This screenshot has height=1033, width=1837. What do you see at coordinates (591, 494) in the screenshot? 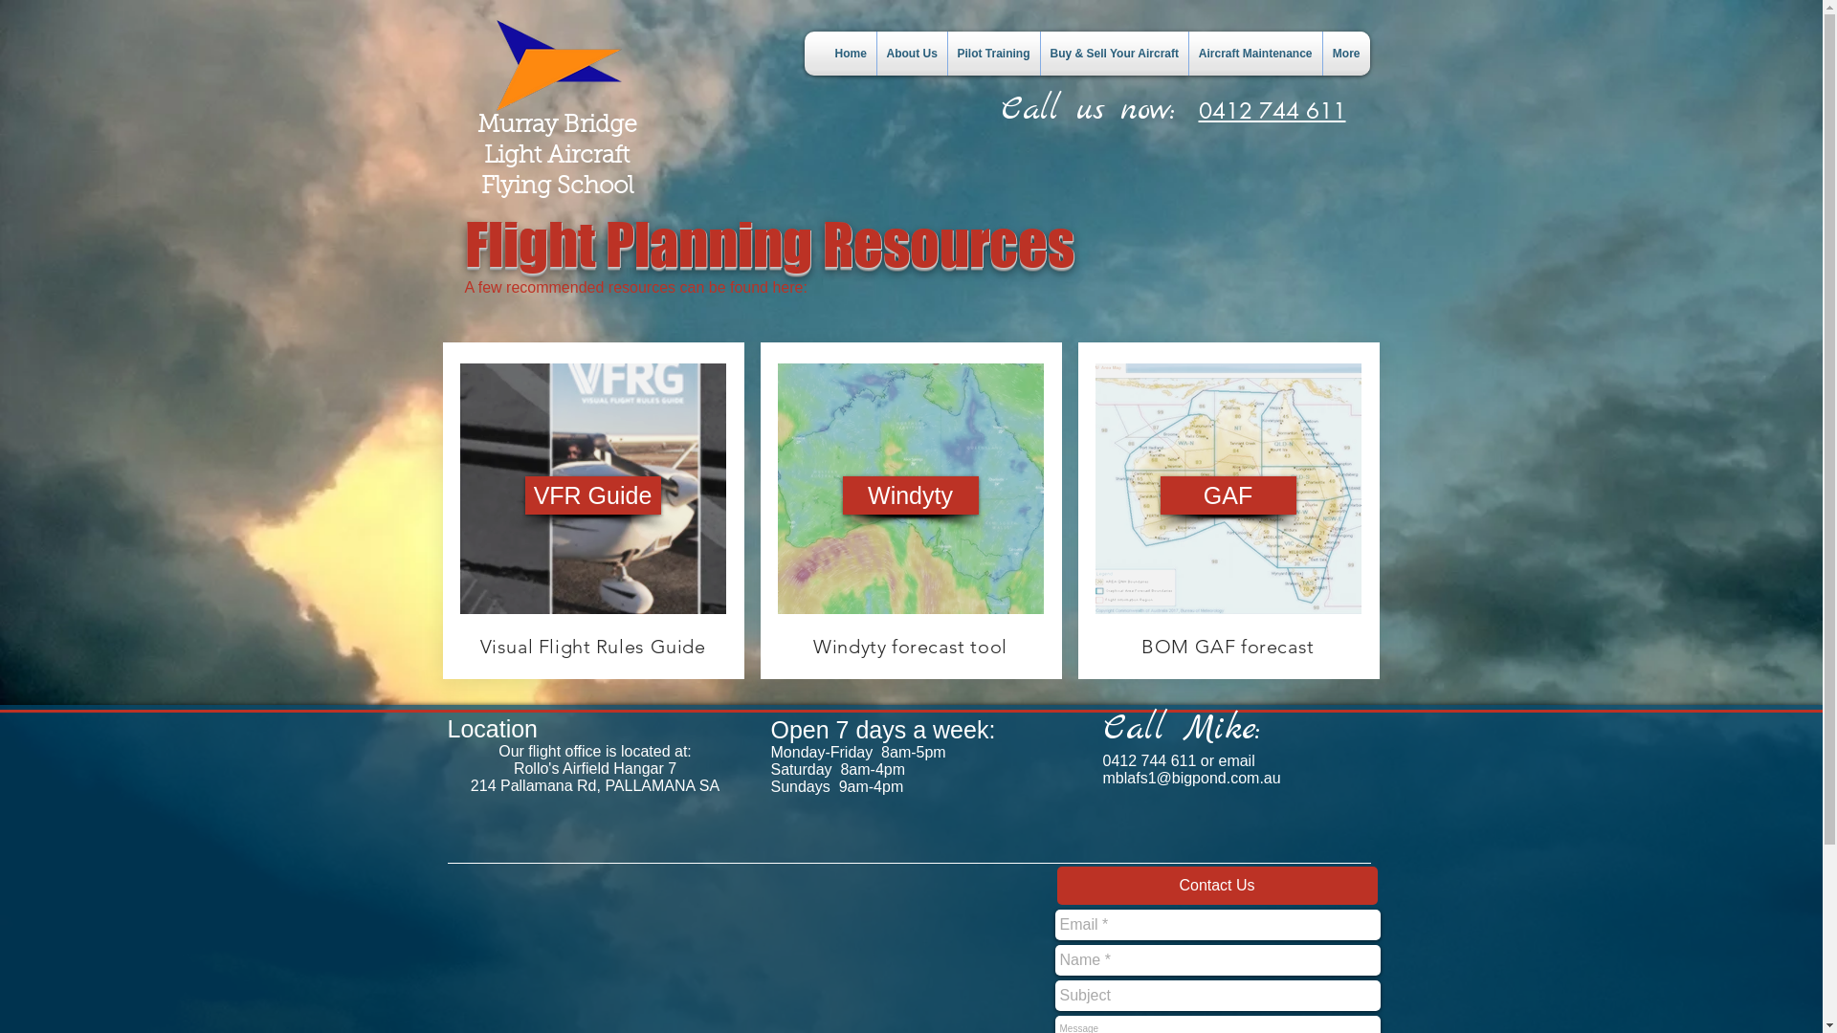
I see `'VFR Guide'` at bounding box center [591, 494].